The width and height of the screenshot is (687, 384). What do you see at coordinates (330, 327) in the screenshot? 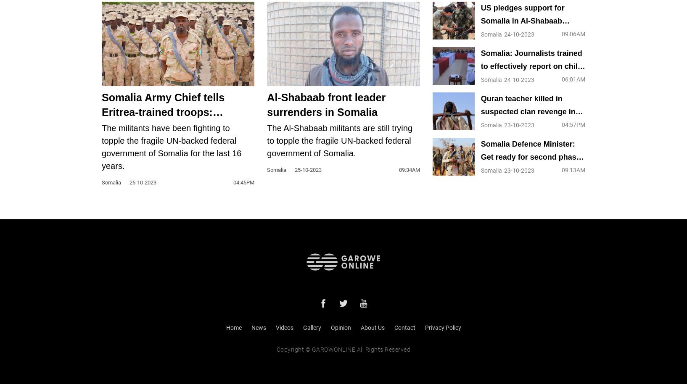
I see `'Opinion'` at bounding box center [330, 327].